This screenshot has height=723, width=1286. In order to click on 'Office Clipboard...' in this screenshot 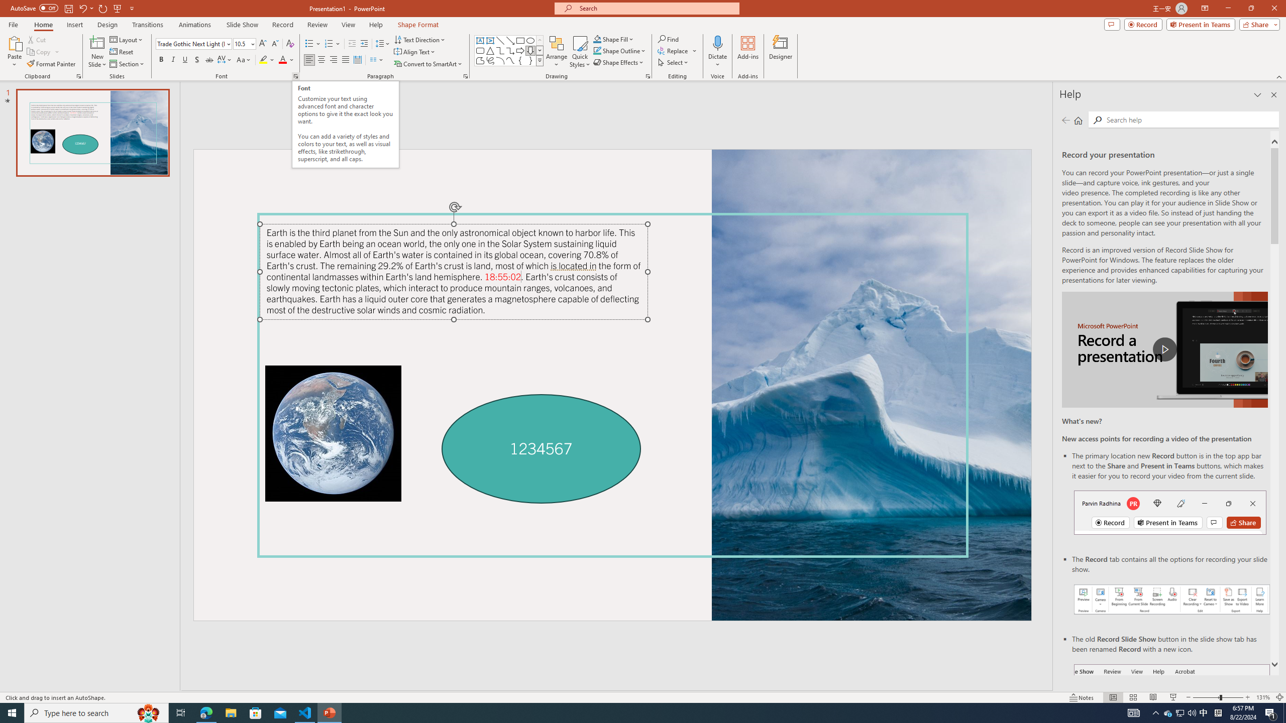, I will do `click(78, 75)`.